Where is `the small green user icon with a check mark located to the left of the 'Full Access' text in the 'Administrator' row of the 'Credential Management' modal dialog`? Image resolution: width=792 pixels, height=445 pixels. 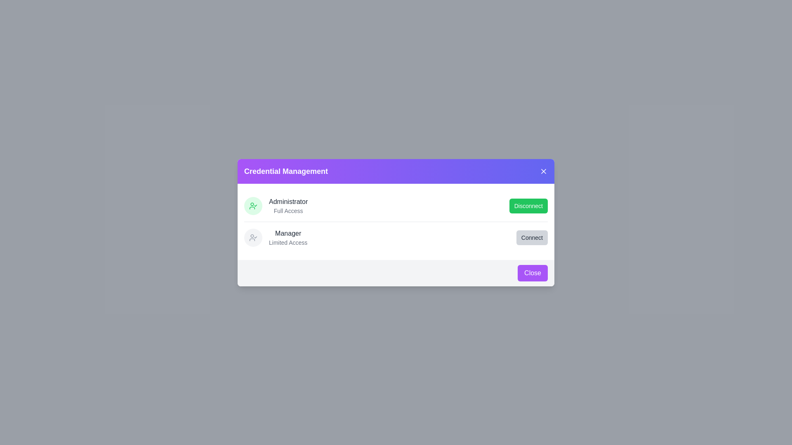 the small green user icon with a check mark located to the left of the 'Full Access' text in the 'Administrator' row of the 'Credential Management' modal dialog is located at coordinates (253, 205).